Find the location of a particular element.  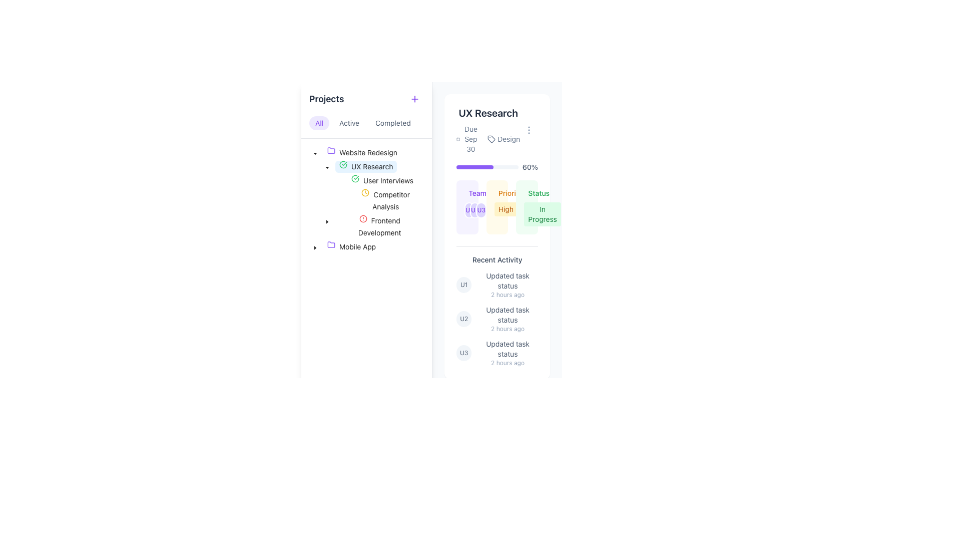

the 'User Interviews' text label located under the 'UX Research' node is located at coordinates (388, 180).